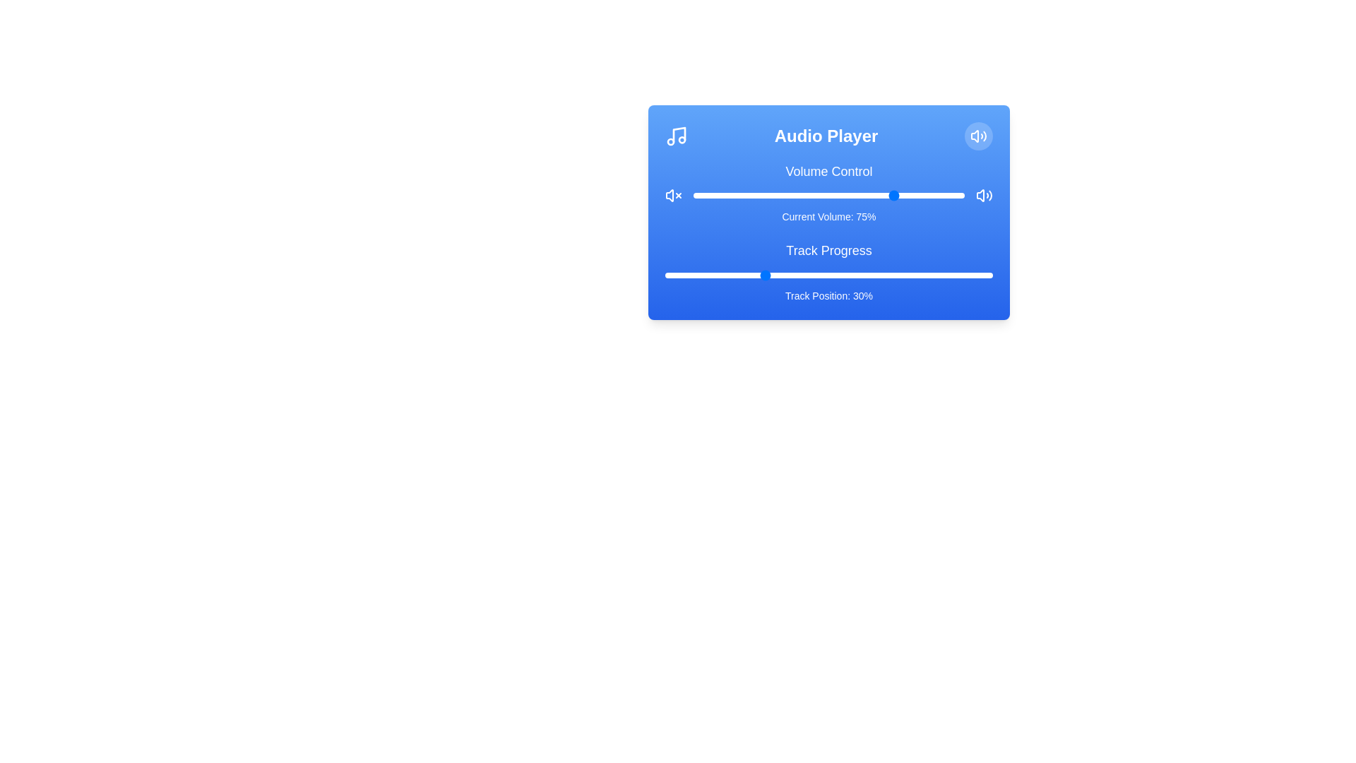 This screenshot has width=1356, height=763. I want to click on track position, so click(809, 275).